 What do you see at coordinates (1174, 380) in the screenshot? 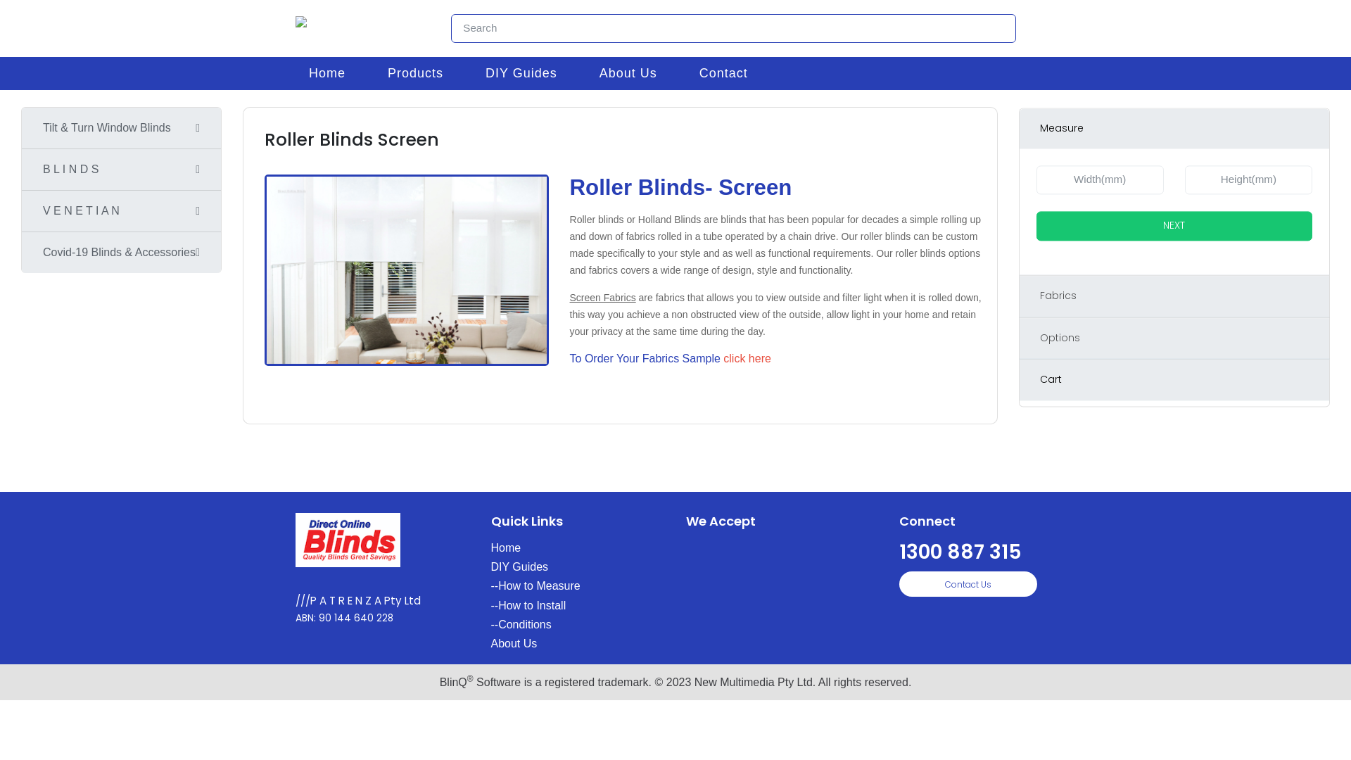
I see `'Cart'` at bounding box center [1174, 380].